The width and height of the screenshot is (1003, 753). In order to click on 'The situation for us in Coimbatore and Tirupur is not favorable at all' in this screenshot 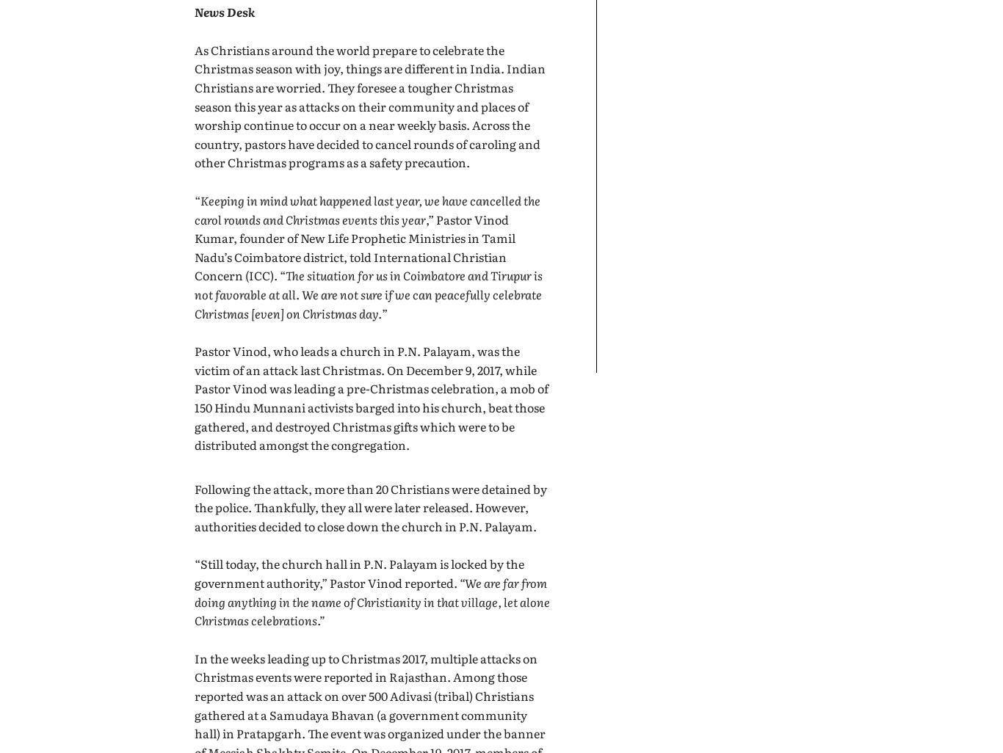, I will do `click(369, 283)`.